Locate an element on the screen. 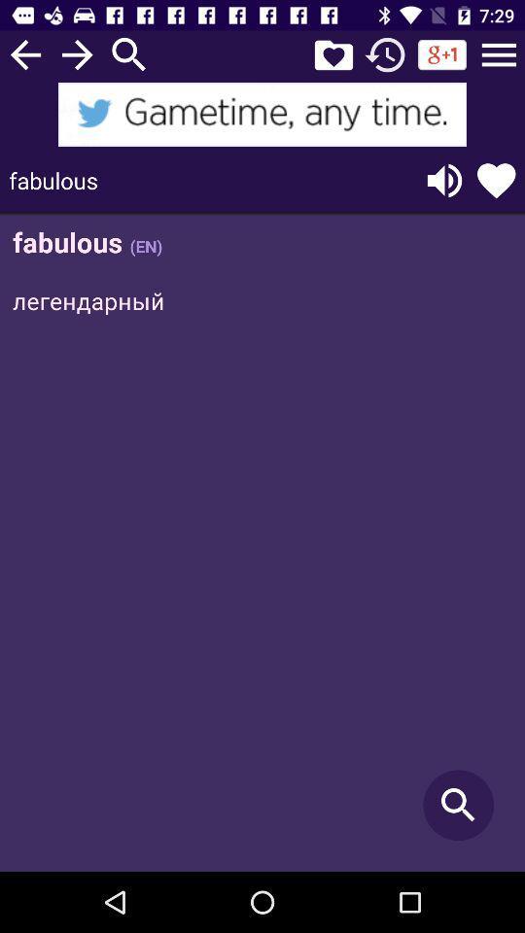 The height and width of the screenshot is (933, 525). the arrow_forward icon is located at coordinates (76, 53).